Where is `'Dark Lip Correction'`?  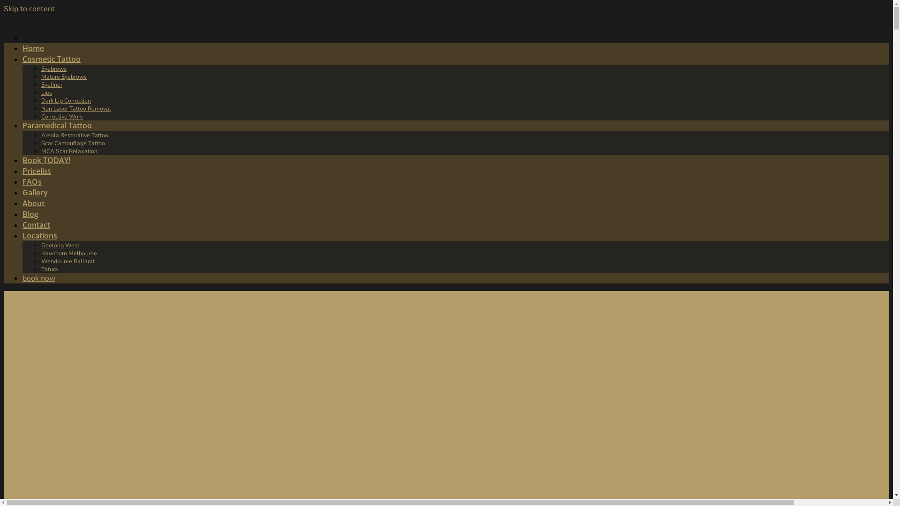
'Dark Lip Correction' is located at coordinates (65, 100).